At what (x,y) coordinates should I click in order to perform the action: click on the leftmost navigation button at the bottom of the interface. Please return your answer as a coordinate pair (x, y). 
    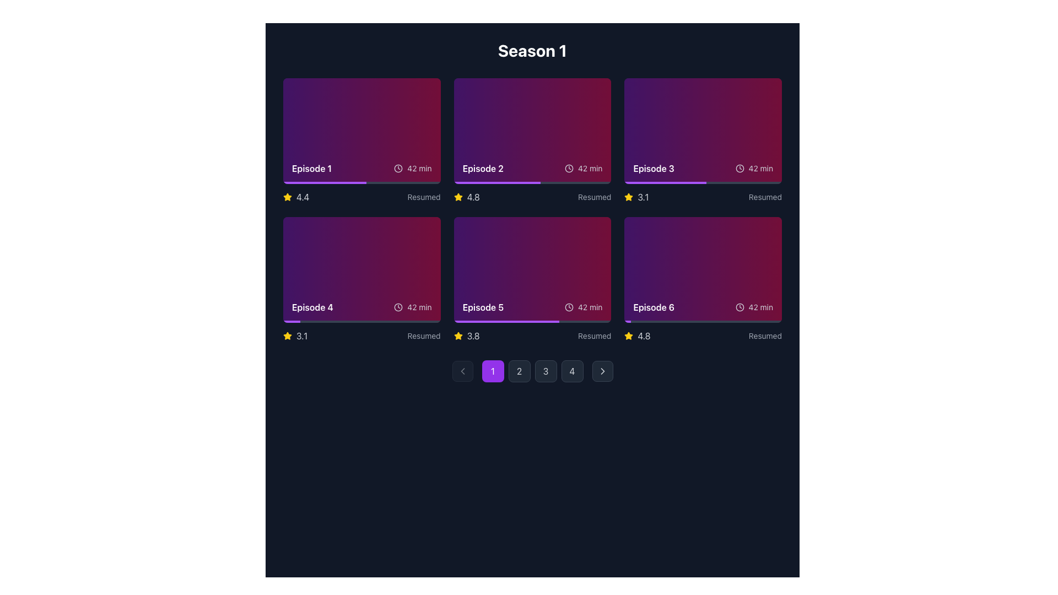
    Looking at the image, I should click on (492, 371).